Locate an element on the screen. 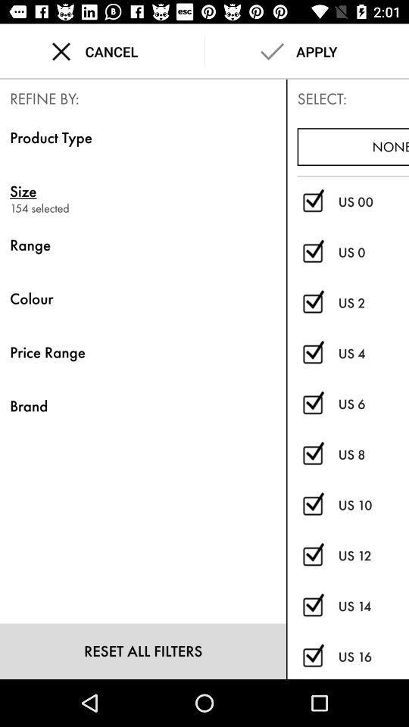 This screenshot has width=409, height=727. us size 6 is located at coordinates (312, 404).